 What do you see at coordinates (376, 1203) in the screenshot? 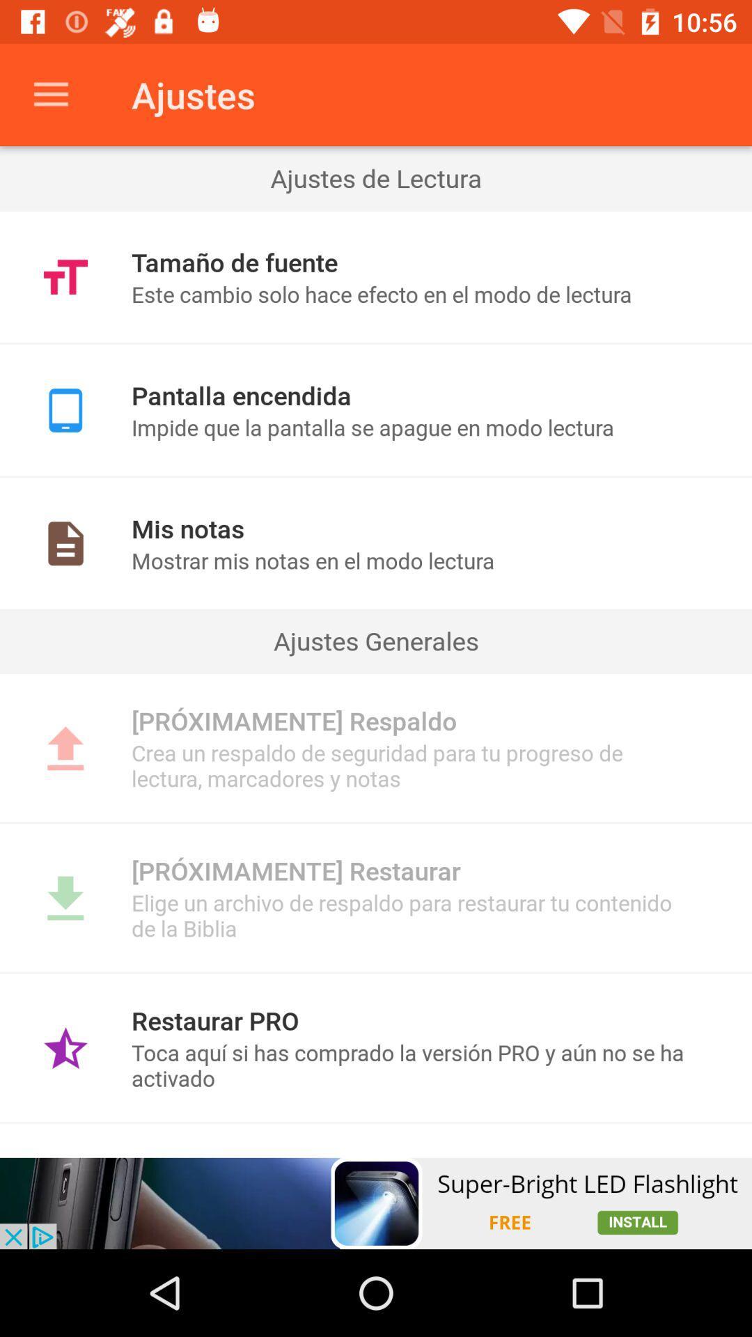
I see `switch autoplay` at bounding box center [376, 1203].